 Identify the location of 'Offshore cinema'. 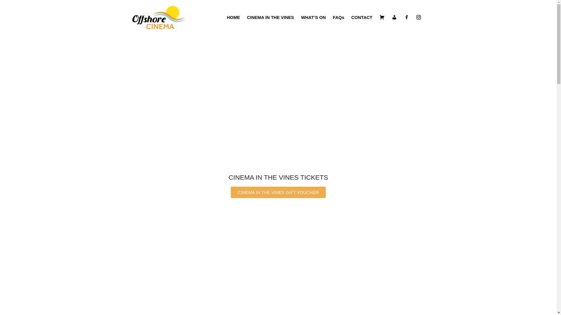
(209, 21).